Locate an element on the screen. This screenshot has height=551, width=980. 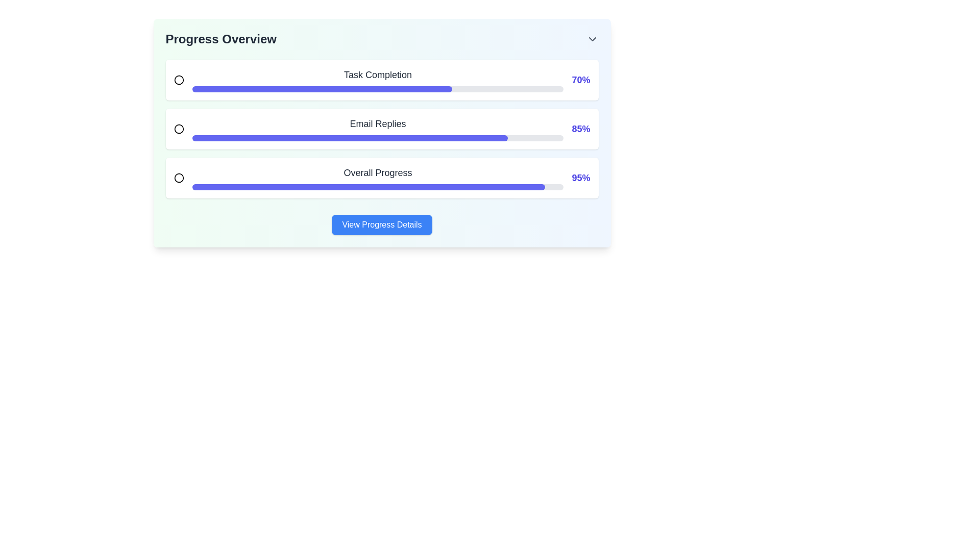
the 'Overall Progress' text and progress bar combination, which is located in the lower section of the 'Progress Overview' component and indicates a progress level of approximately 95% is located at coordinates (377, 177).